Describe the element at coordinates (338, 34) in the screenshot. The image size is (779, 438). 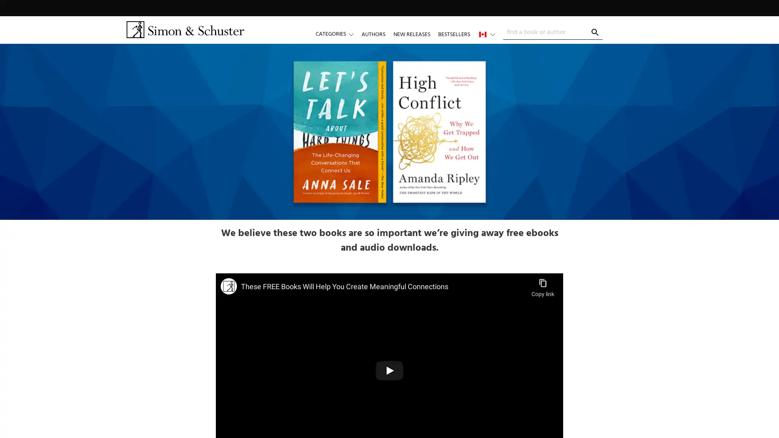
I see `CATEGORIES` at that location.